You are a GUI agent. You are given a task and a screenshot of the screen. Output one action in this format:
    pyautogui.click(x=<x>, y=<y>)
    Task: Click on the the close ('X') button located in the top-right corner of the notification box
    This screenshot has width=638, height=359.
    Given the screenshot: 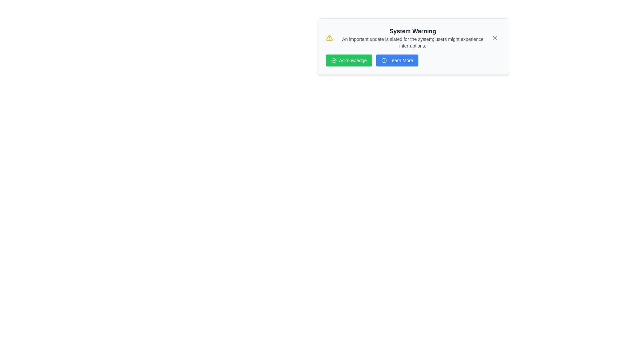 What is the action you would take?
    pyautogui.click(x=494, y=38)
    